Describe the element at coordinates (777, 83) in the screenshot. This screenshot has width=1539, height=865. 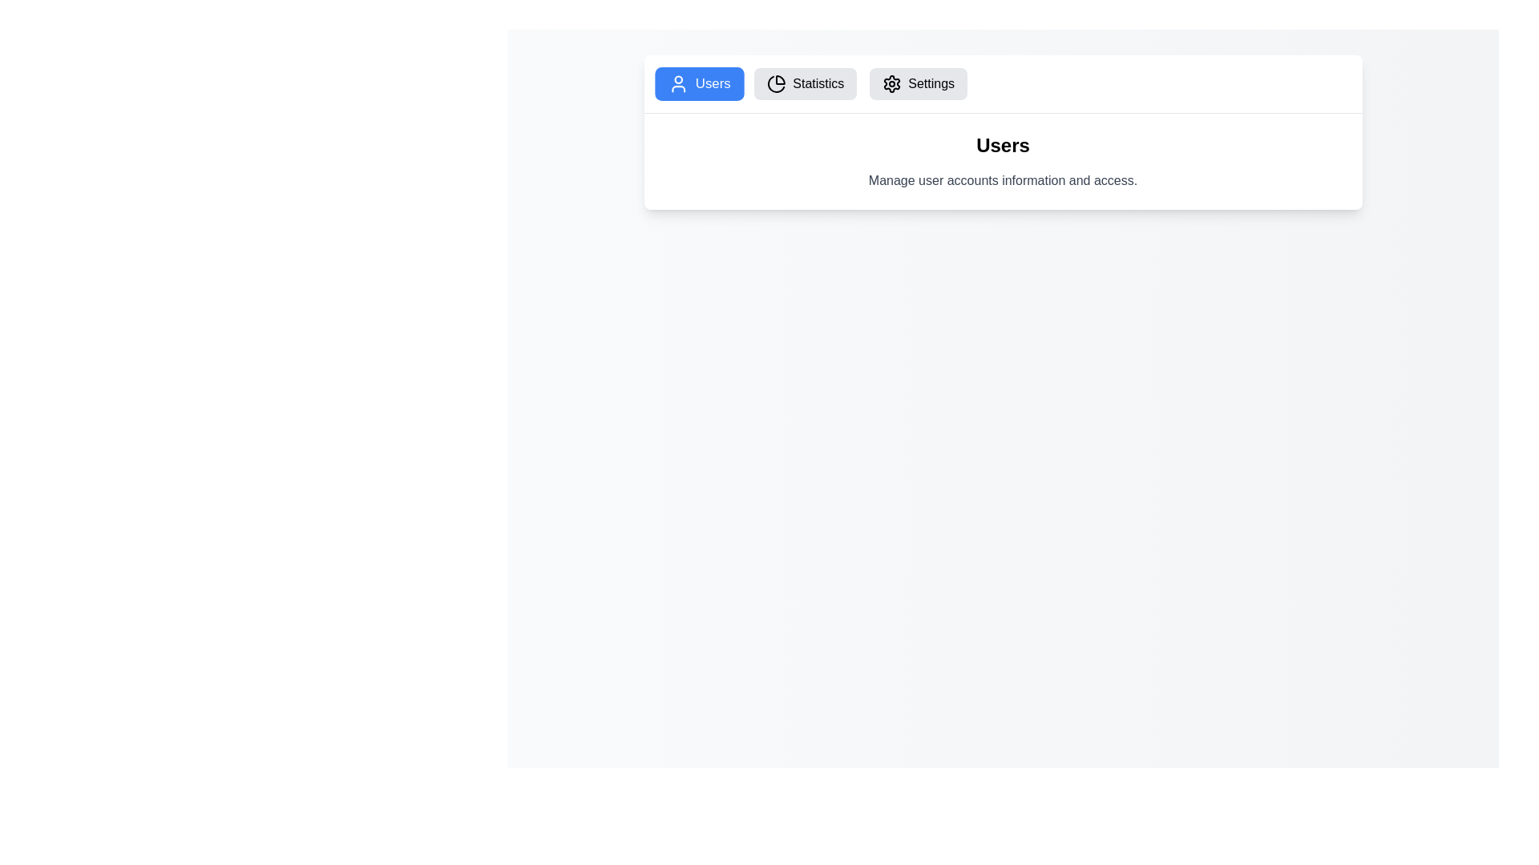
I see `the 'Statistics' icon located within the navigation bar, which serves as a visual indicator for accessing statistical data` at that location.